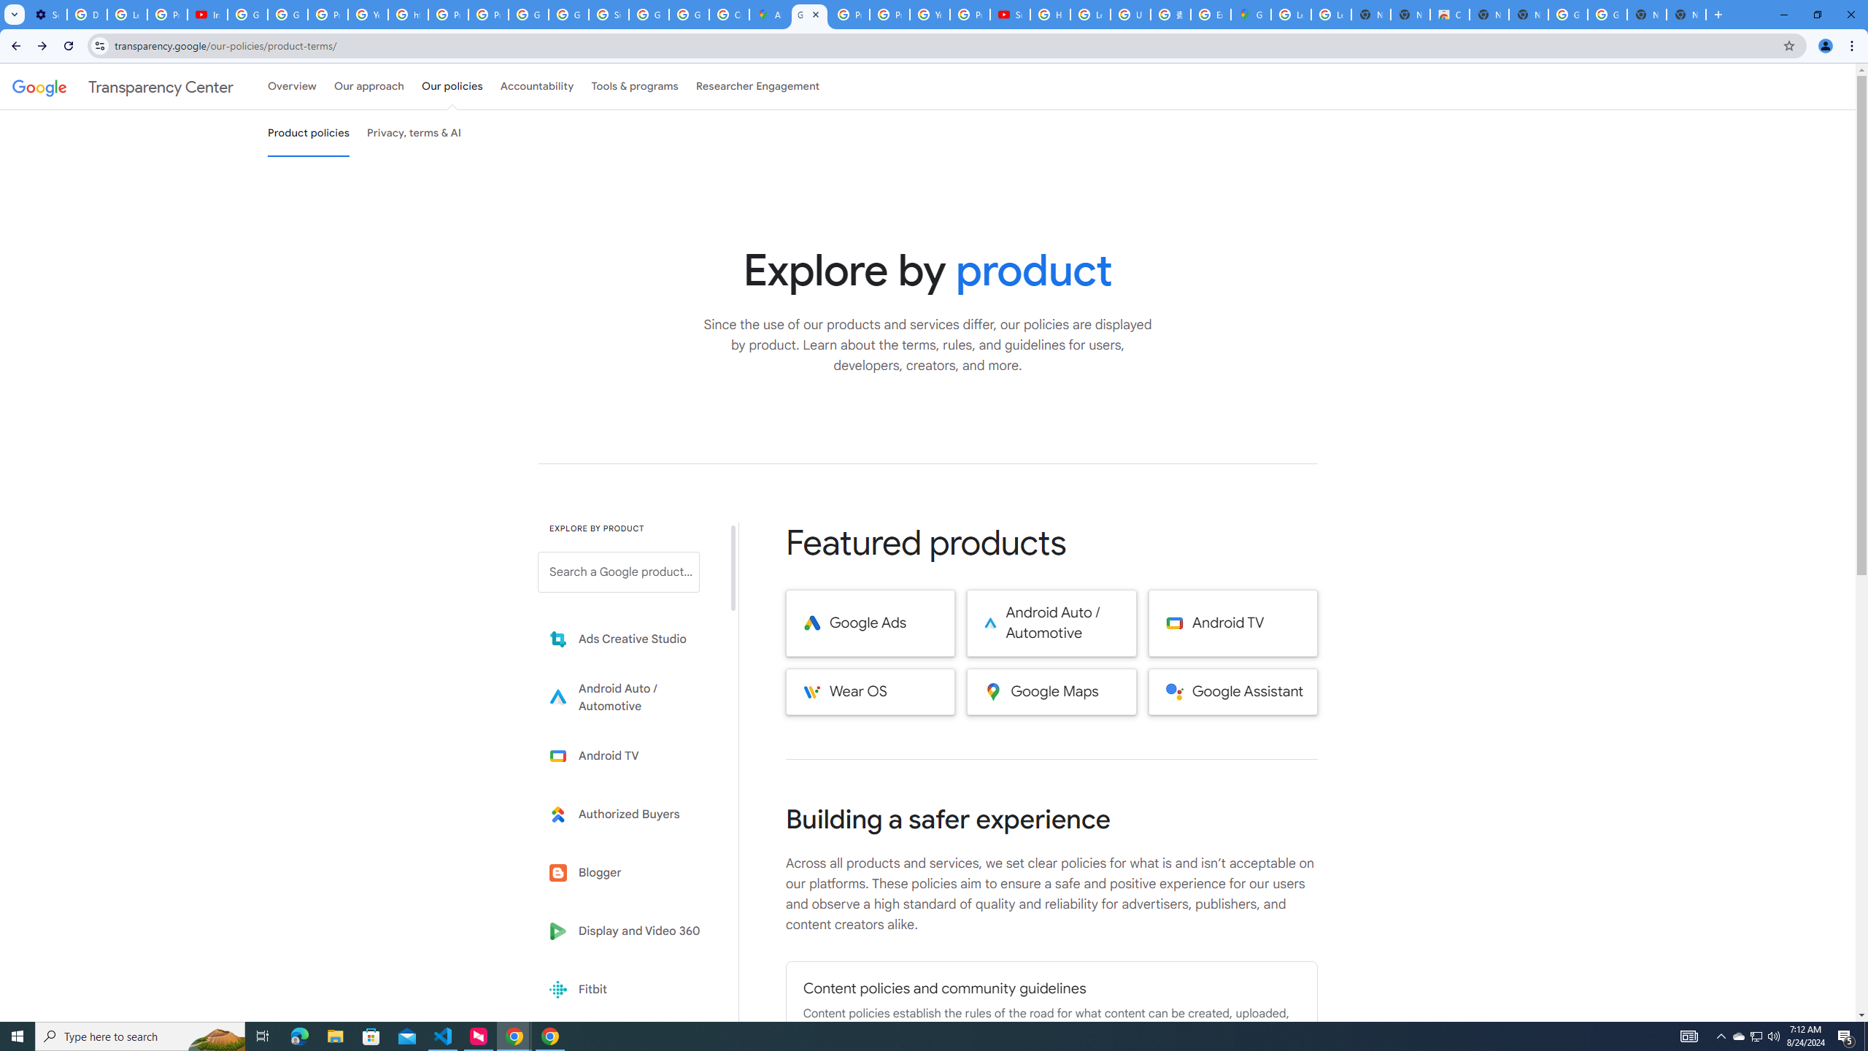 The width and height of the screenshot is (1868, 1051). What do you see at coordinates (1448, 14) in the screenshot?
I see `'Chrome Web Store'` at bounding box center [1448, 14].